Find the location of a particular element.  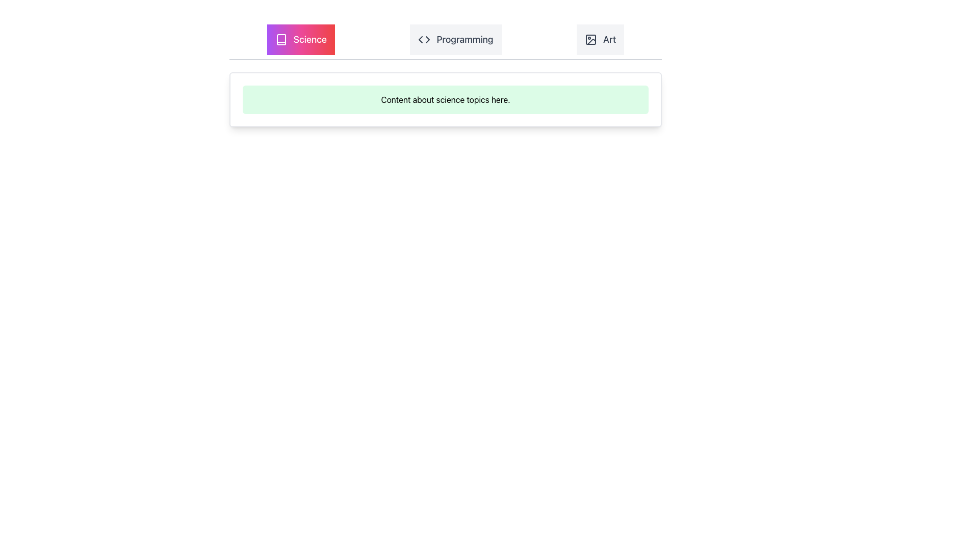

the 'Science' tab button located at the top of the interface is located at coordinates (300, 39).